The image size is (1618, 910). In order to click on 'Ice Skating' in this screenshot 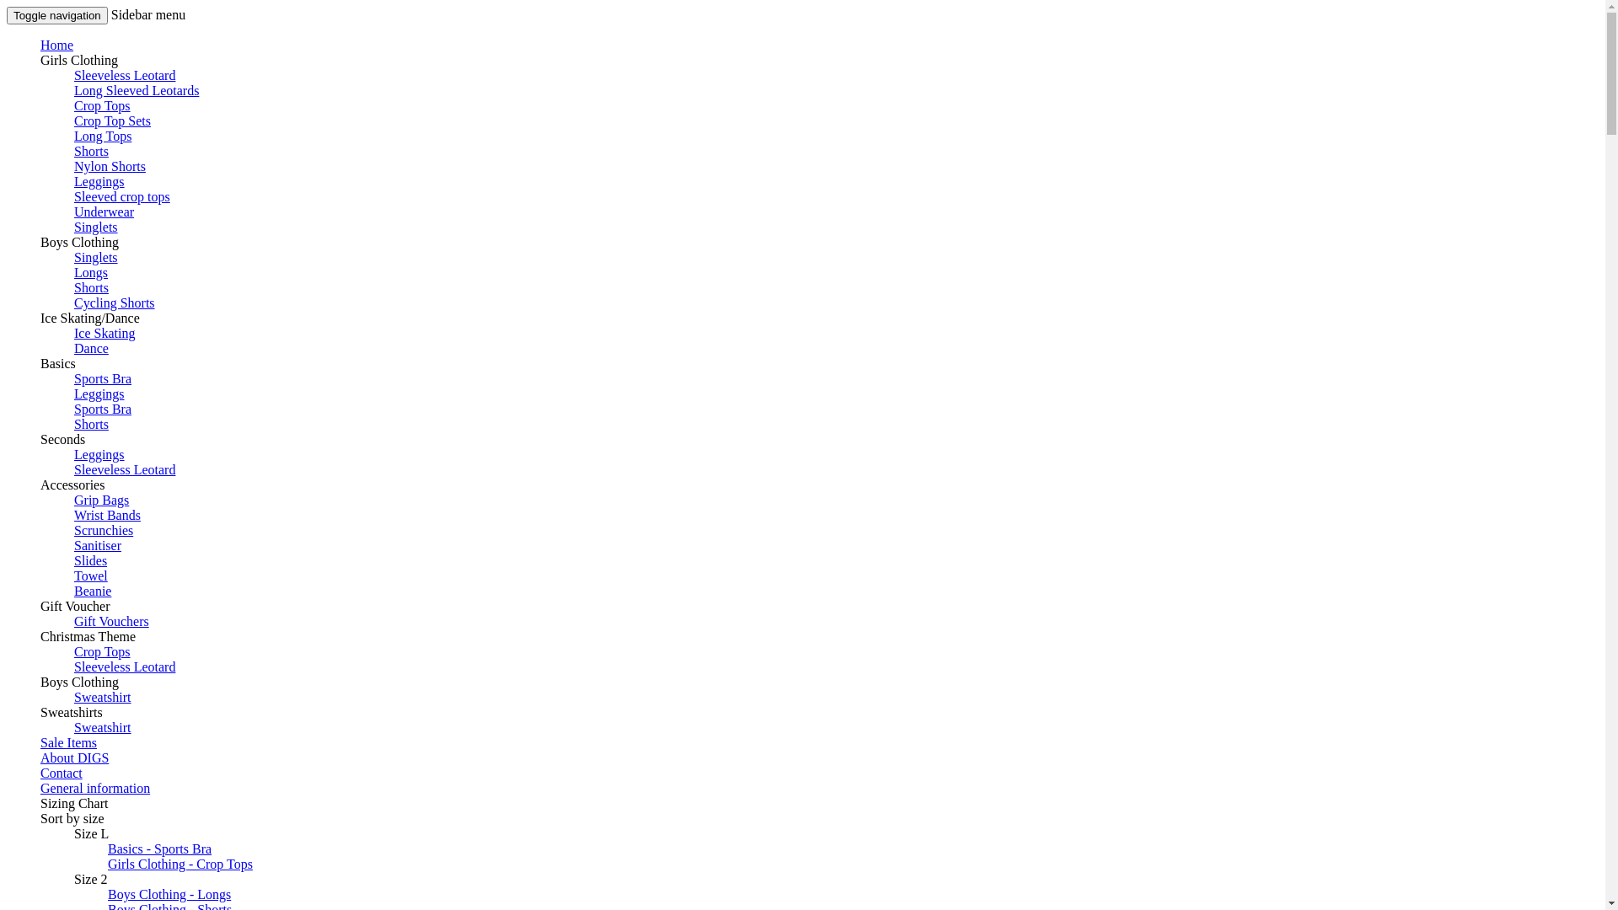, I will do `click(104, 333)`.